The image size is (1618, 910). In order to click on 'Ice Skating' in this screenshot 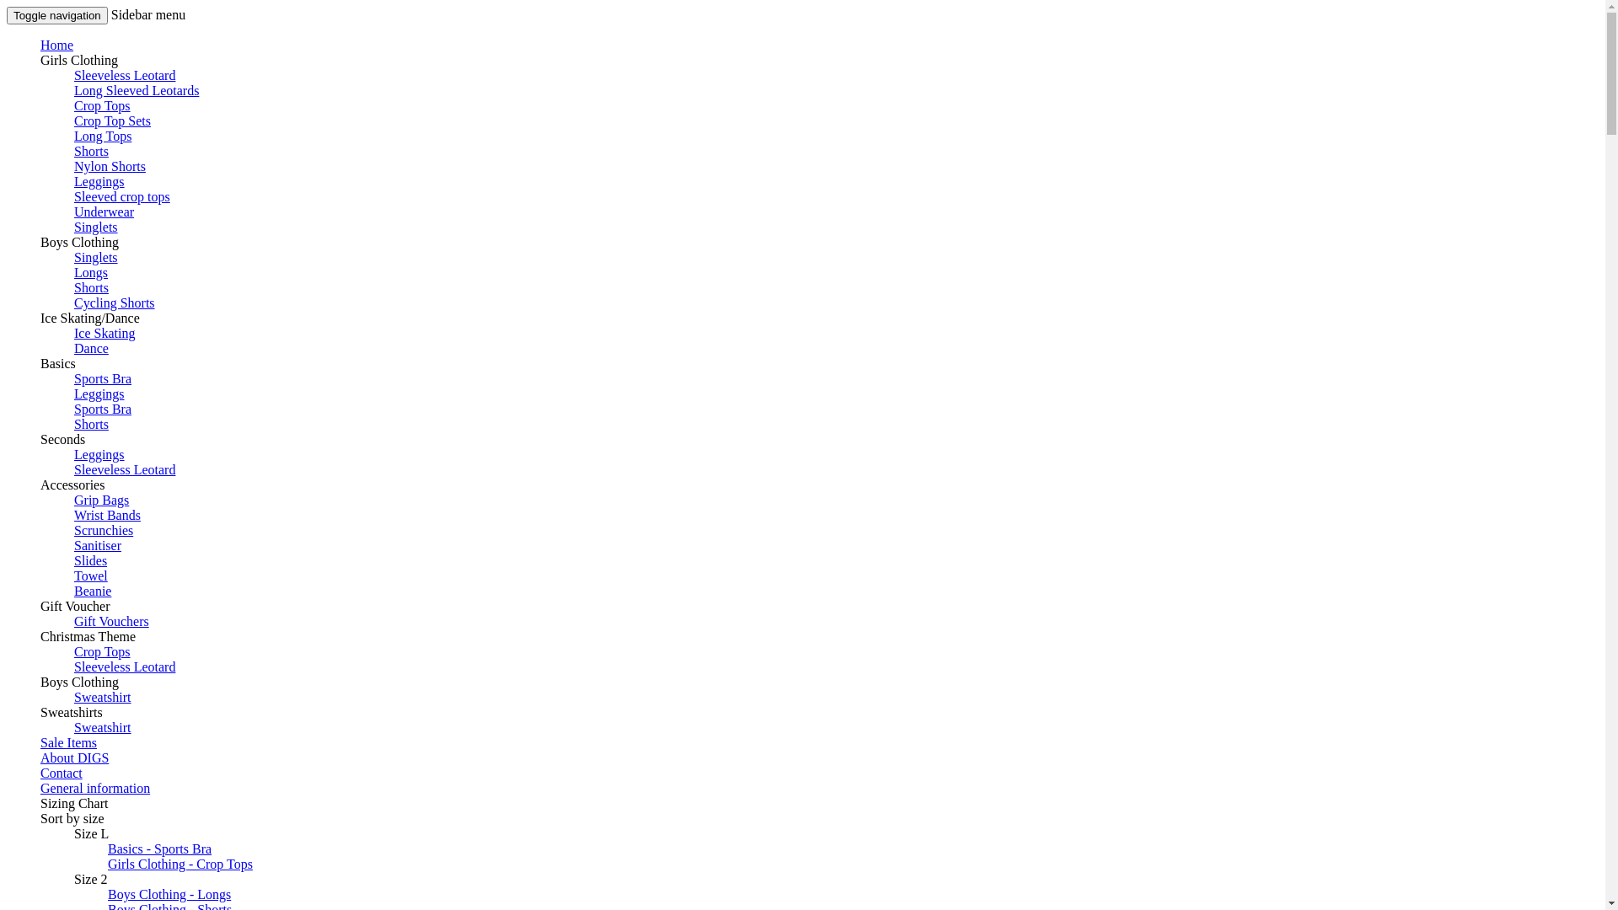, I will do `click(104, 333)`.